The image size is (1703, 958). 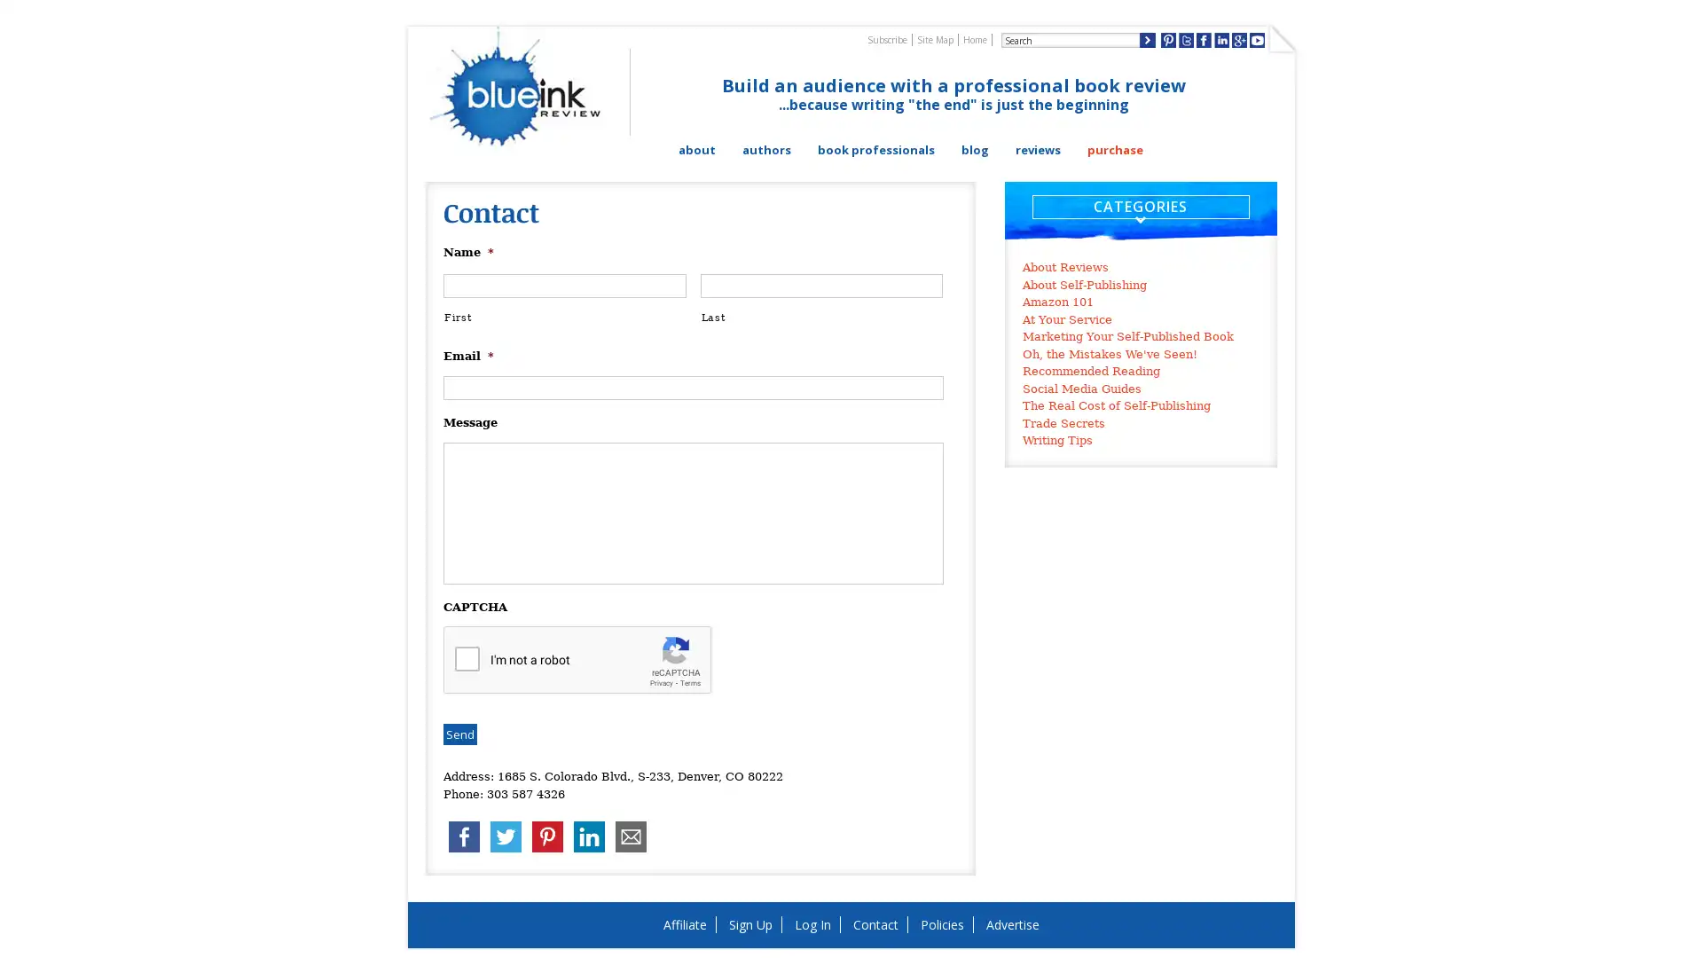 What do you see at coordinates (459, 734) in the screenshot?
I see `Send` at bounding box center [459, 734].